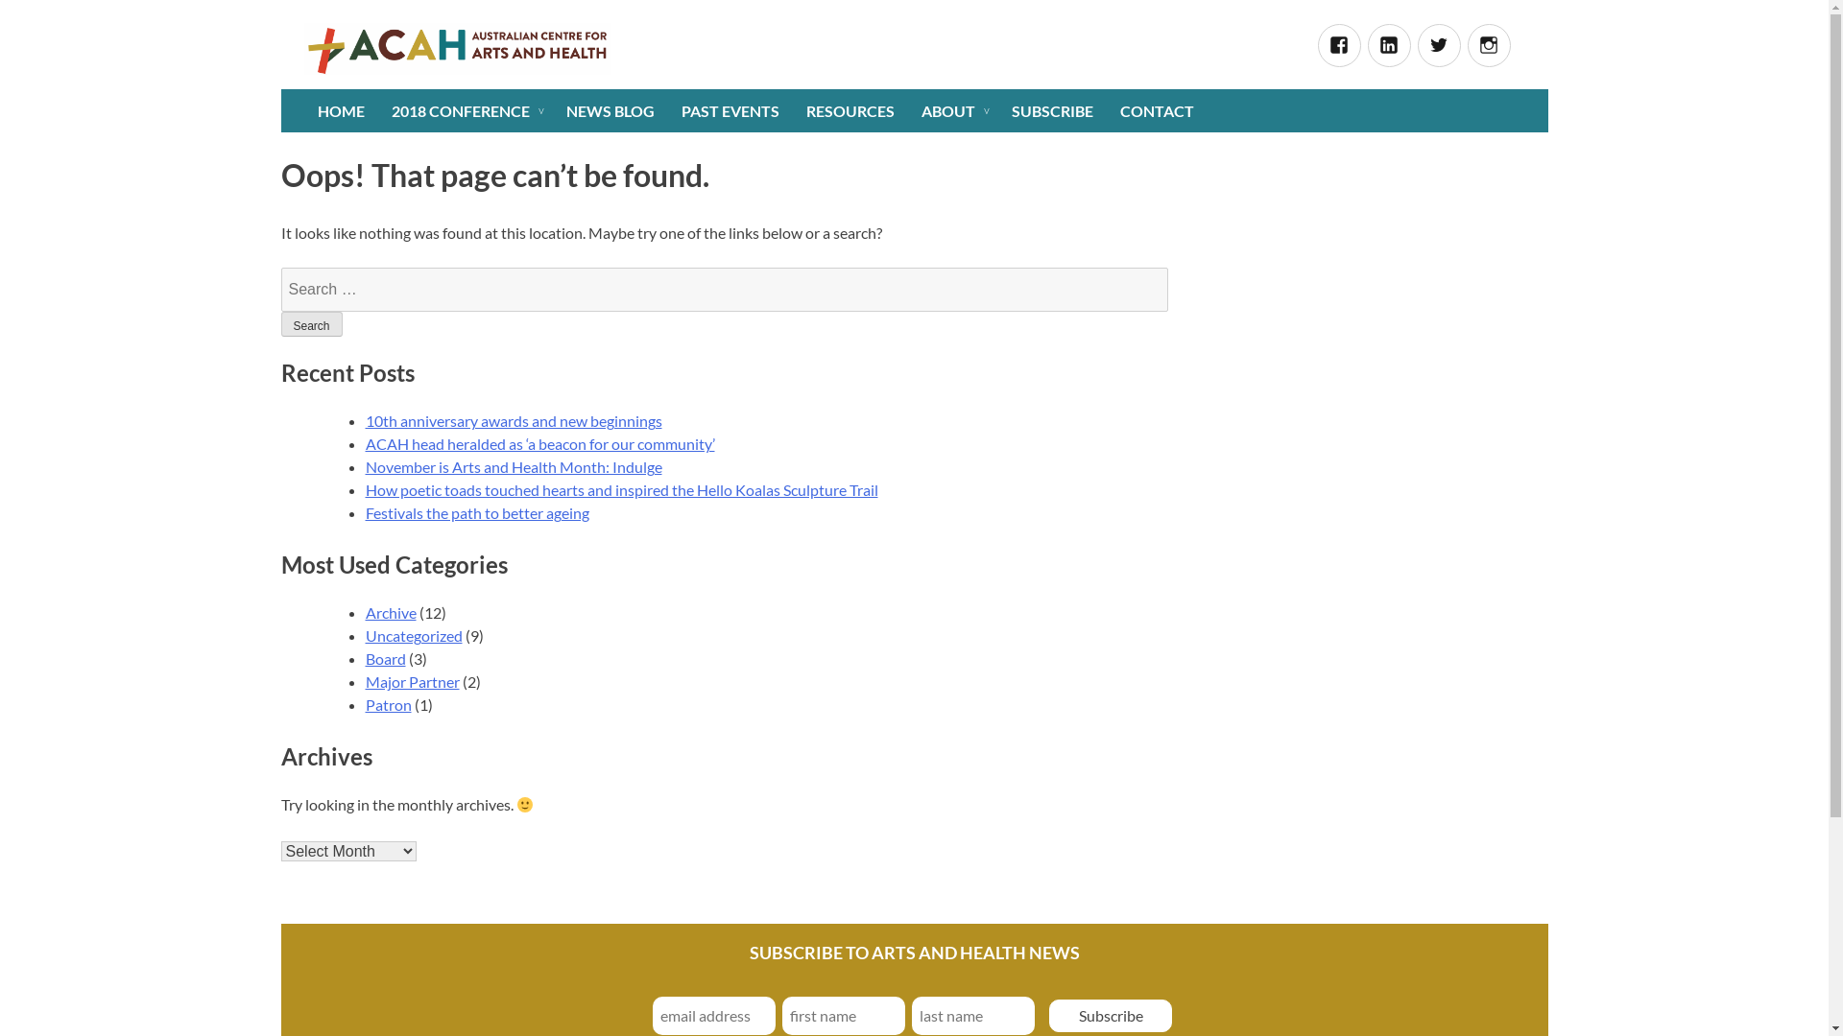 The width and height of the screenshot is (1843, 1036). What do you see at coordinates (850, 110) in the screenshot?
I see `'RESOURCES'` at bounding box center [850, 110].